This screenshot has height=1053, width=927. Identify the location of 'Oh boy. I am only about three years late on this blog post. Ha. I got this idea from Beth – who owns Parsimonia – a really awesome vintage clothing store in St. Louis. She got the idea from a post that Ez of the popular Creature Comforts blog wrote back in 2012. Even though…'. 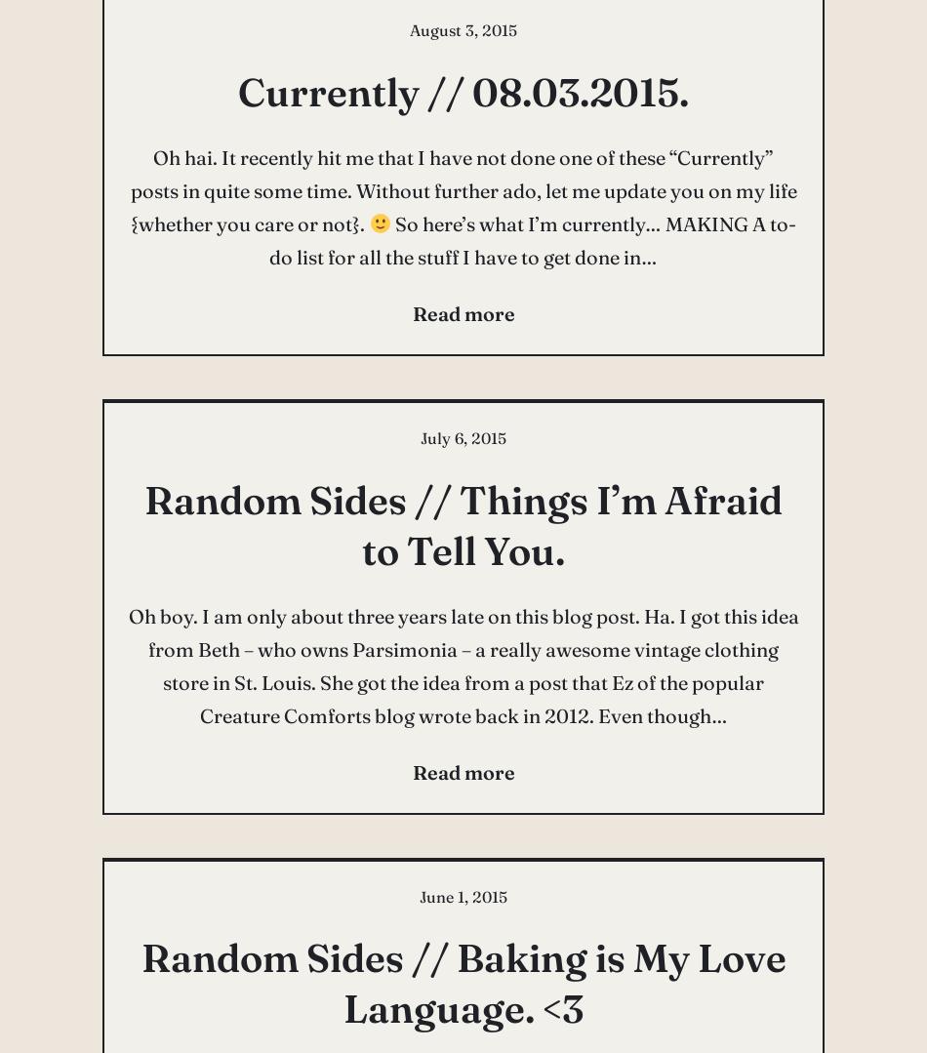
(462, 665).